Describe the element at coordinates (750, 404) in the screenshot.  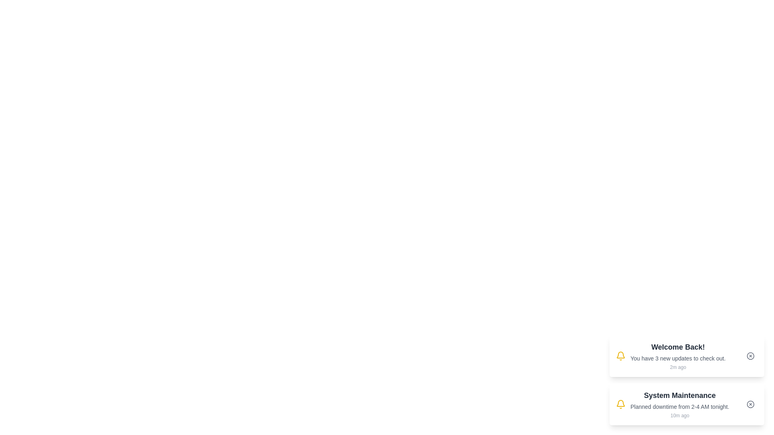
I see `dismiss button for the notification titled 'System Maintenance'` at that location.